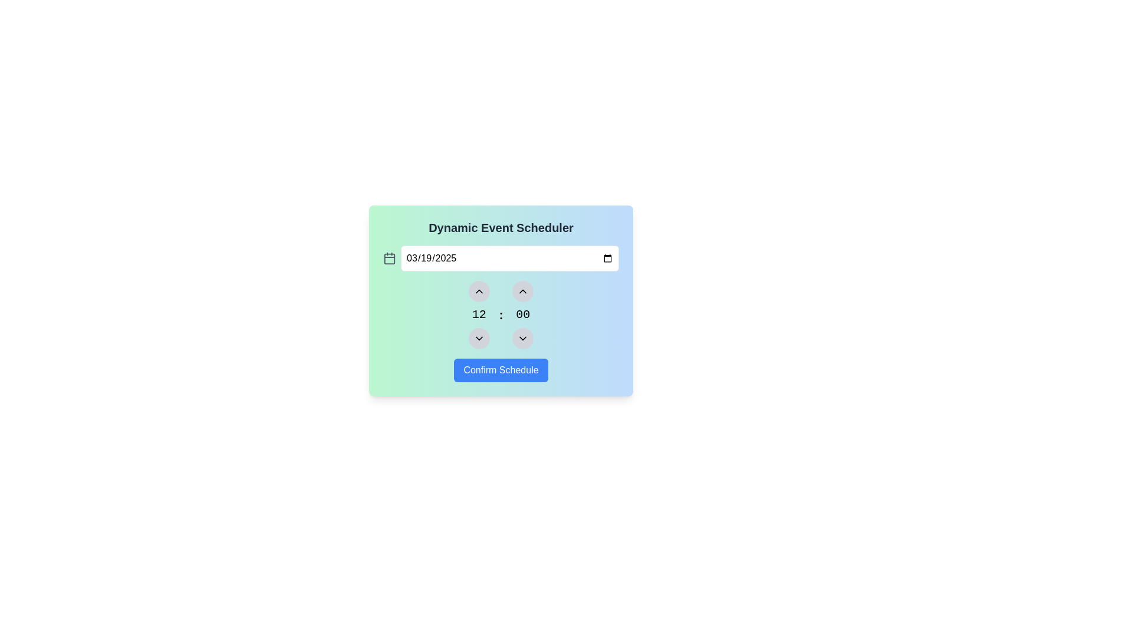 This screenshot has height=636, width=1132. Describe the element at coordinates (390, 258) in the screenshot. I see `the decorative rectangular icon component within the calendar icon, located near the top-left region of the interface, next to the date input field` at that location.